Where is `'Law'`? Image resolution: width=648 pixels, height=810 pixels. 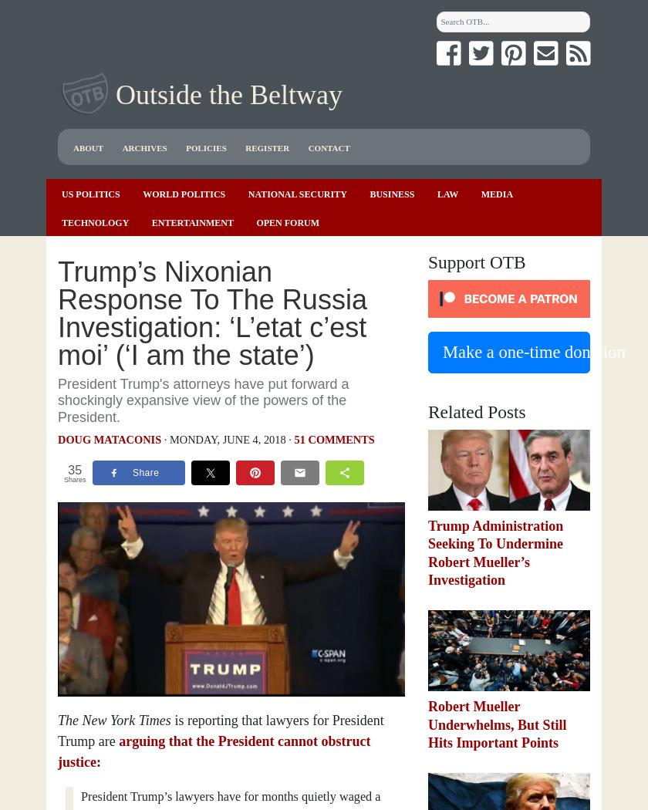 'Law' is located at coordinates (447, 193).